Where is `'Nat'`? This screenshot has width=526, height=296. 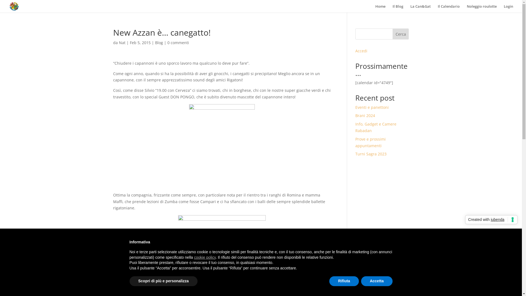
'Nat' is located at coordinates (118, 42).